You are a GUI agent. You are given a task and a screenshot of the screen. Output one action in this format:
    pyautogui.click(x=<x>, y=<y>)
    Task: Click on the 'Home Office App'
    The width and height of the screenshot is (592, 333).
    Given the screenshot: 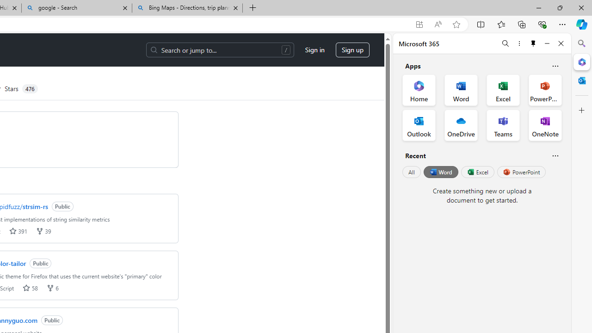 What is the action you would take?
    pyautogui.click(x=419, y=90)
    